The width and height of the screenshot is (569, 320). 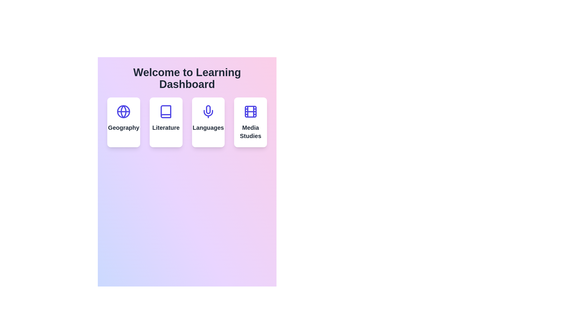 What do you see at coordinates (250, 122) in the screenshot?
I see `the 'Media Studies' selection button, which is the fourth card in a horizontal grid located below the 'Welcome to Learning Dashboard' heading` at bounding box center [250, 122].